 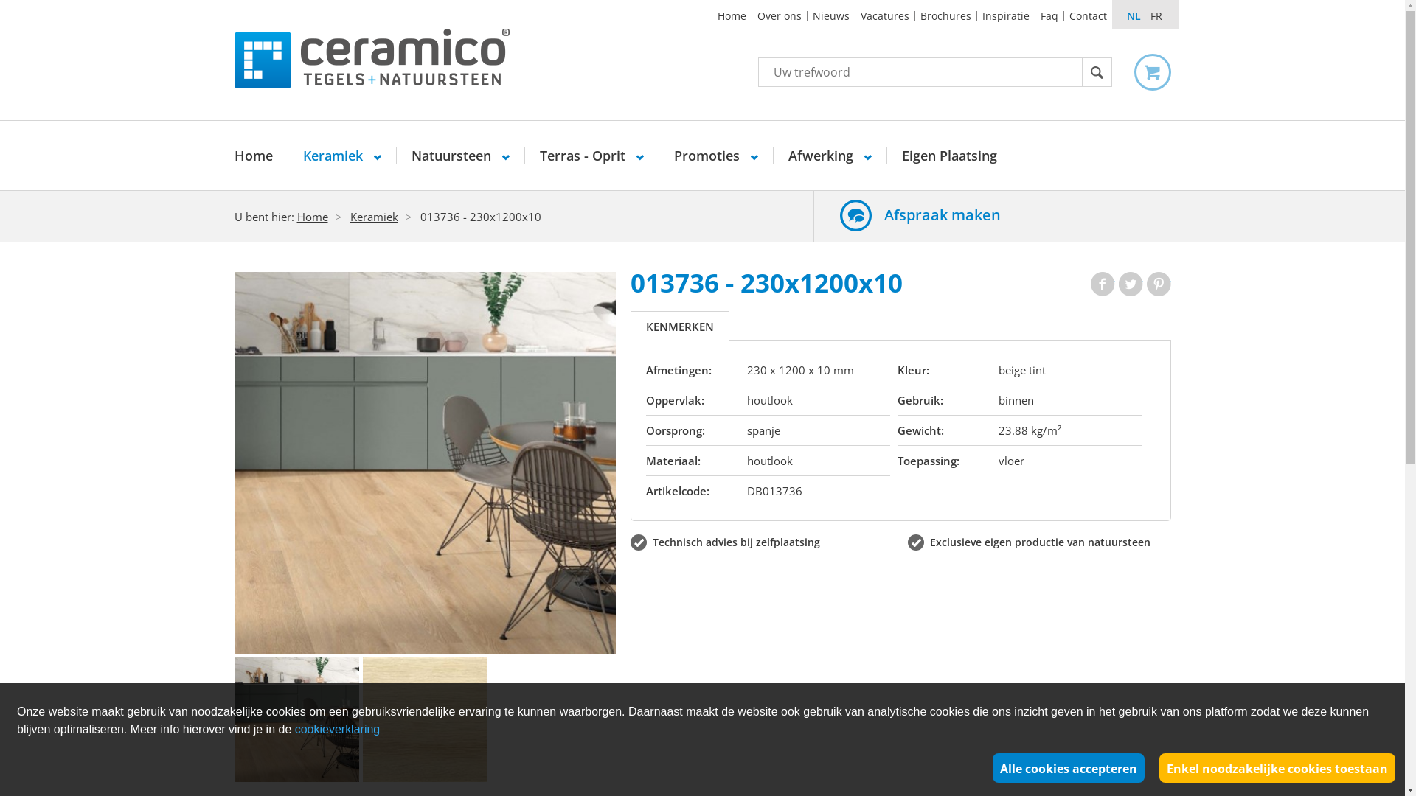 What do you see at coordinates (1087, 15) in the screenshot?
I see `'Contact'` at bounding box center [1087, 15].